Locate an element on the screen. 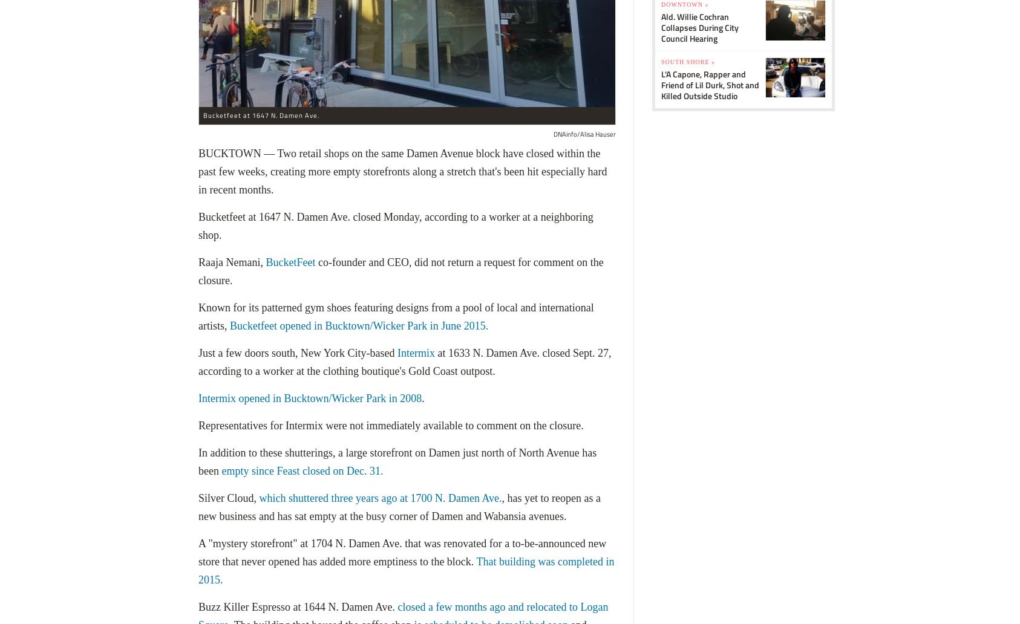  'Bucketfeet opened in Bucktown/Wicker Park in June 2015.' is located at coordinates (358, 326).